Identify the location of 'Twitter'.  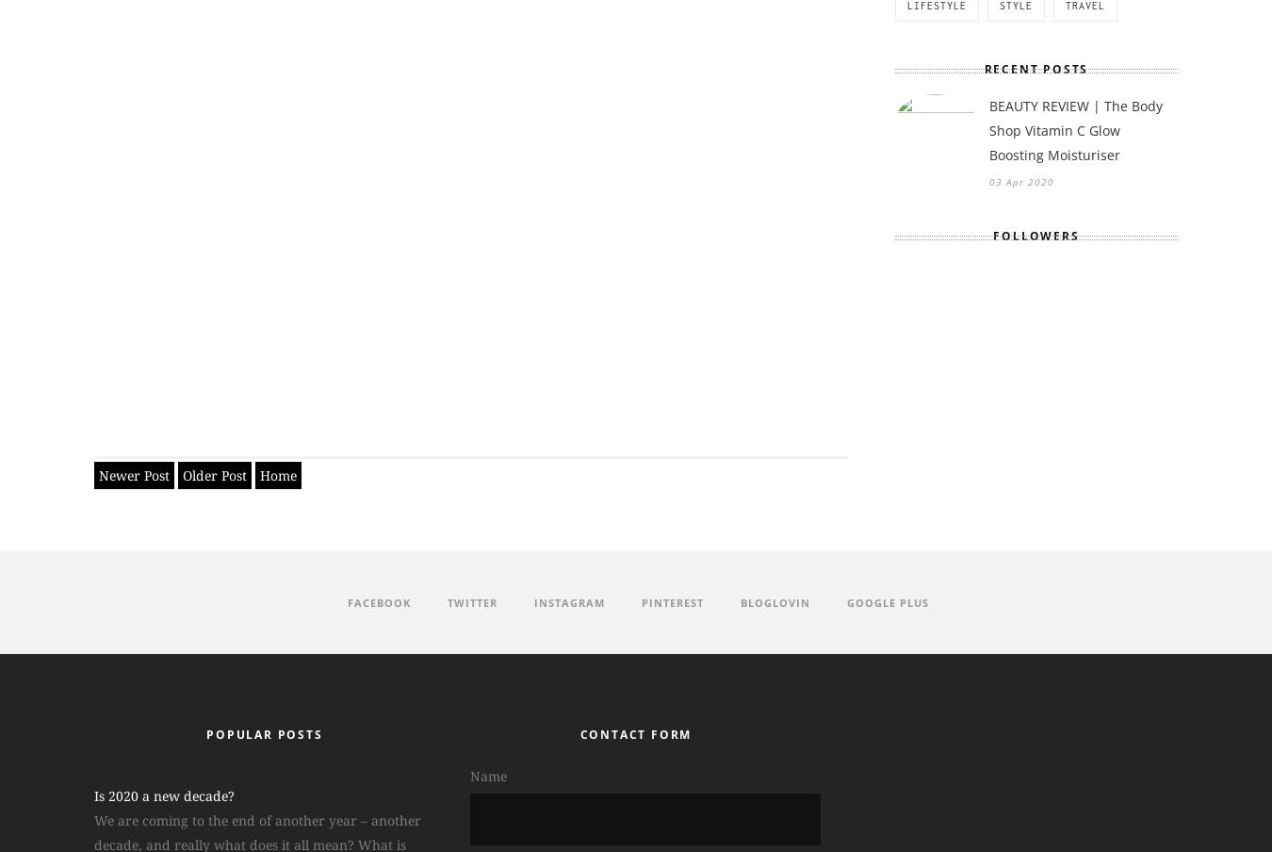
(471, 601).